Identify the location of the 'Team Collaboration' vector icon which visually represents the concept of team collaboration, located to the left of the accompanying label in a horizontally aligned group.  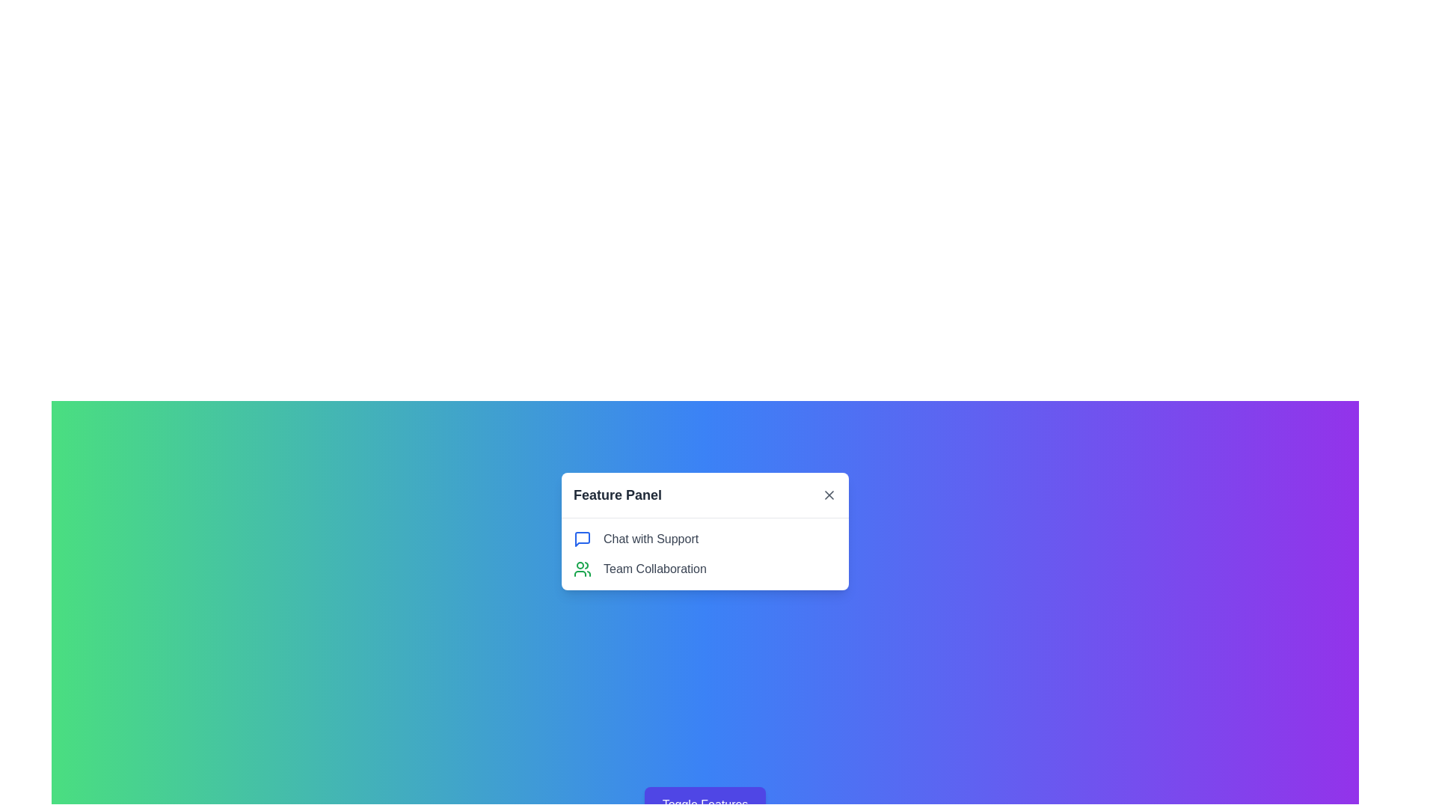
(581, 569).